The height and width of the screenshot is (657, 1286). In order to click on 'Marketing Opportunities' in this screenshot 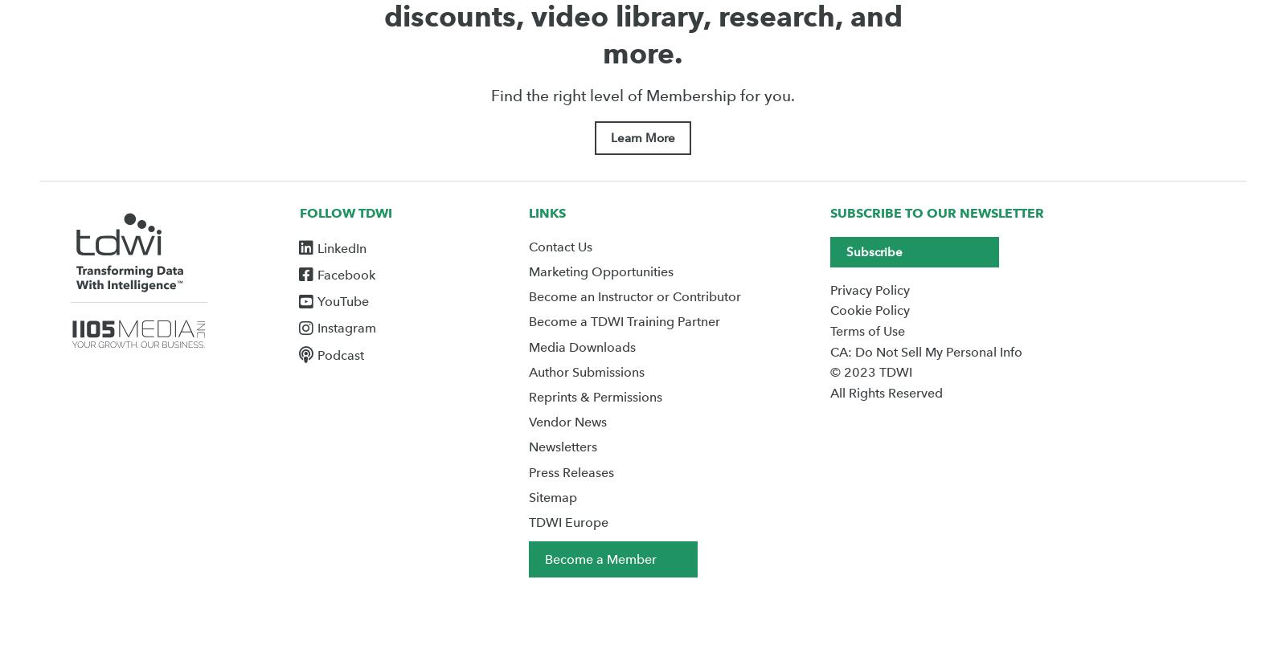, I will do `click(600, 271)`.